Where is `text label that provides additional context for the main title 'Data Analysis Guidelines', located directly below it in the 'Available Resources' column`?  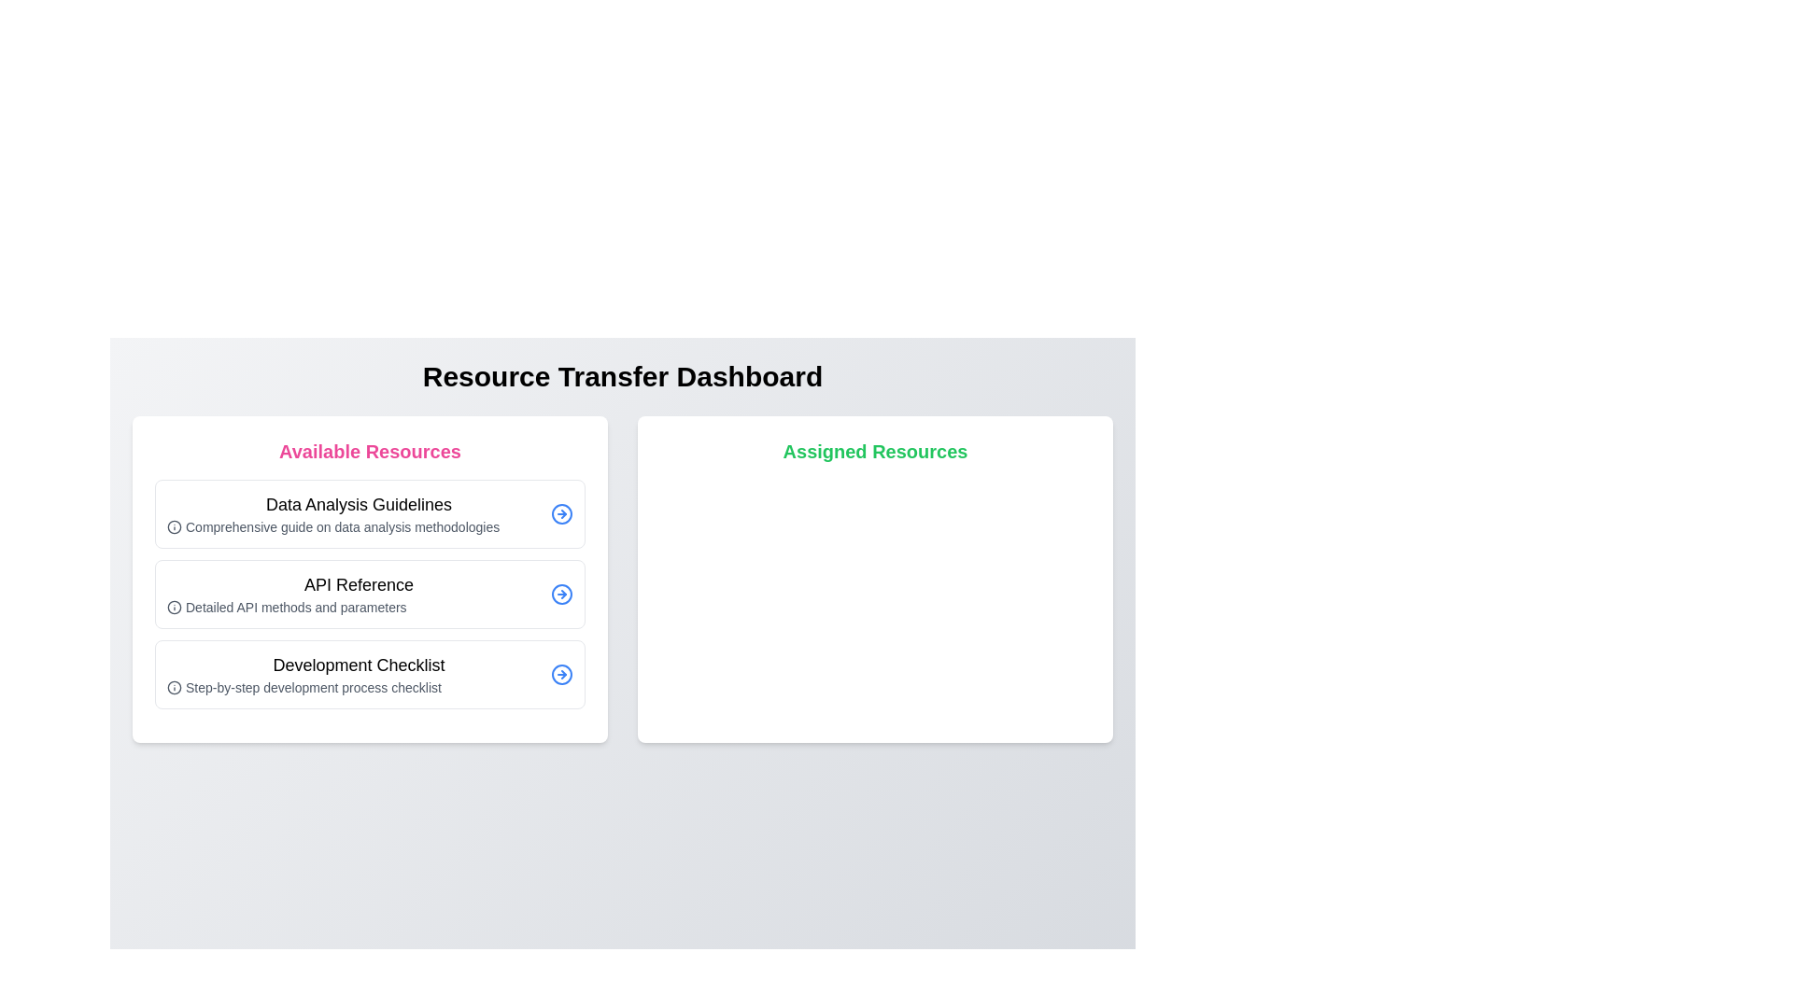 text label that provides additional context for the main title 'Data Analysis Guidelines', located directly below it in the 'Available Resources' column is located at coordinates (359, 526).